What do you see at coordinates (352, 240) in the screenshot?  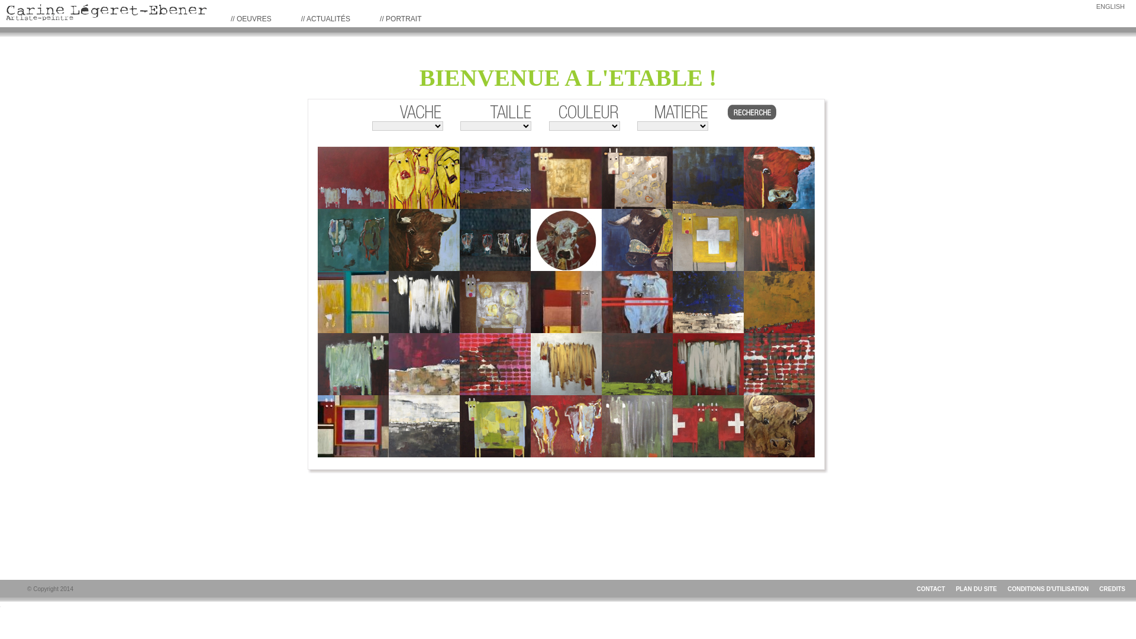 I see `'Les culs'` at bounding box center [352, 240].